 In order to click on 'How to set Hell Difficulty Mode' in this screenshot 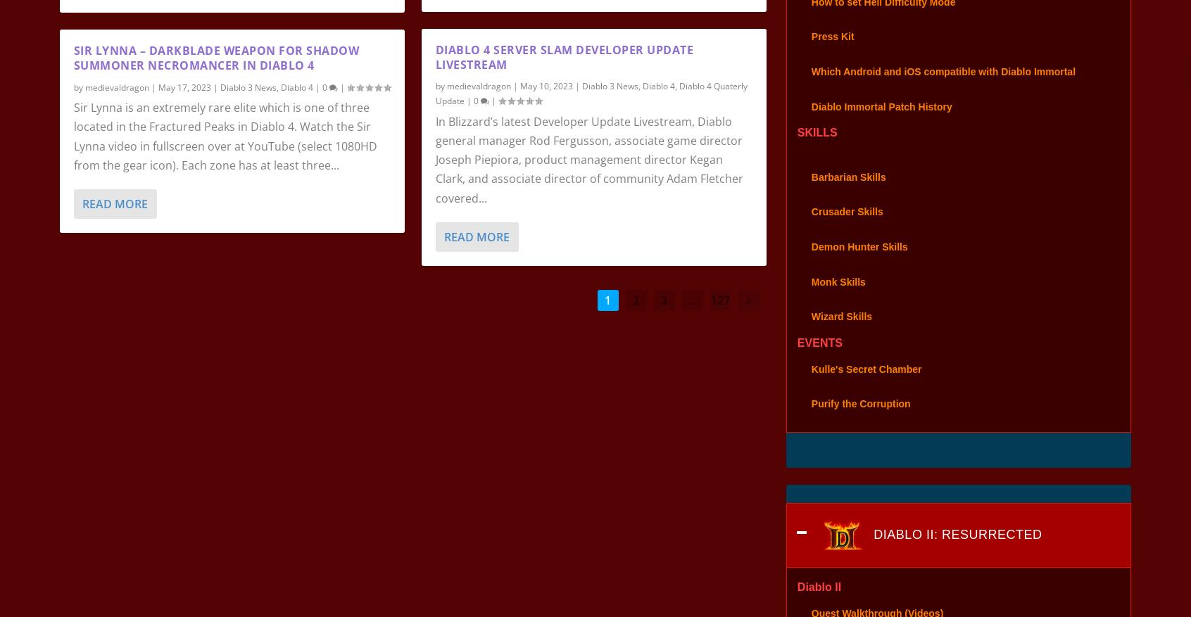, I will do `click(883, 20)`.